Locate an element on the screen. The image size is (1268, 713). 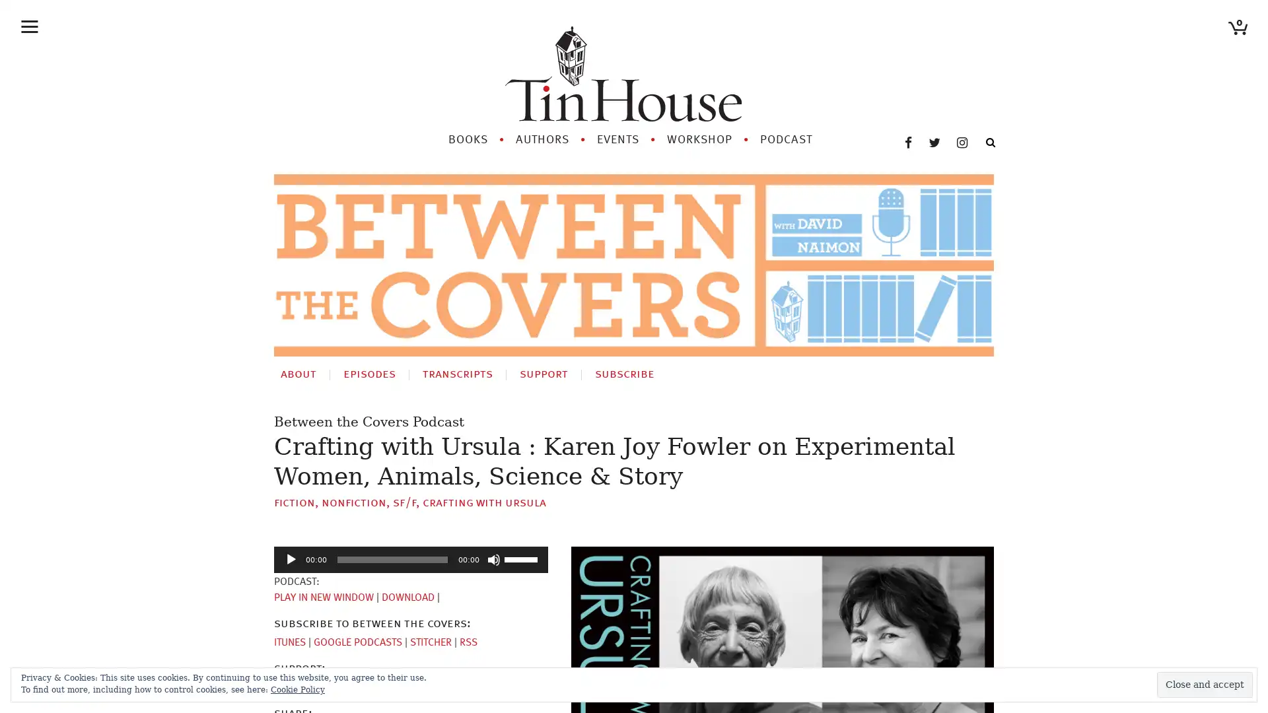
Close and accept is located at coordinates (1205, 684).